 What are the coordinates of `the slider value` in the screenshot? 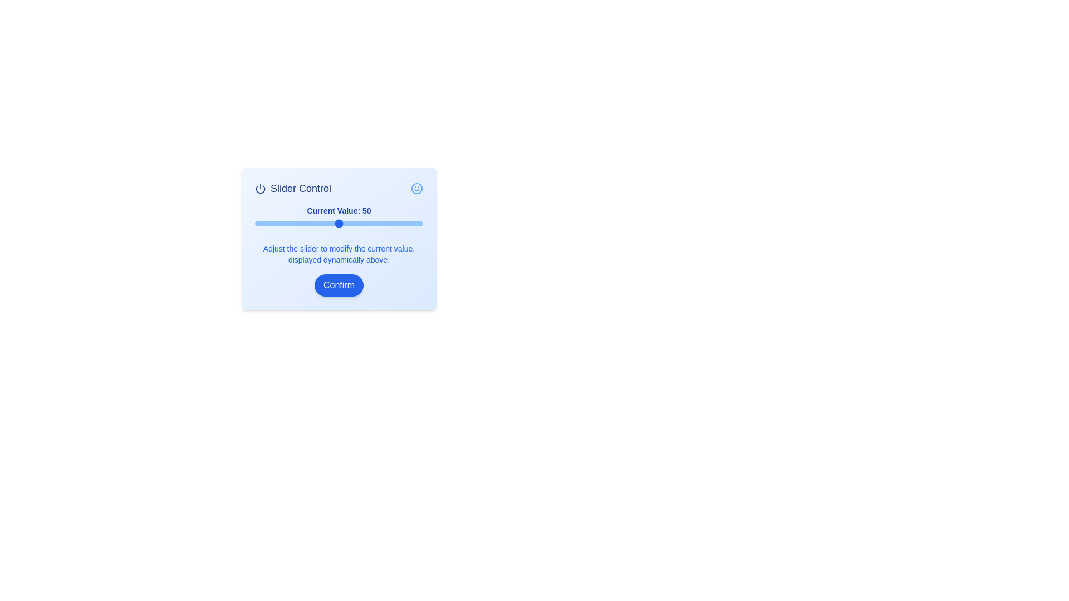 It's located at (386, 223).